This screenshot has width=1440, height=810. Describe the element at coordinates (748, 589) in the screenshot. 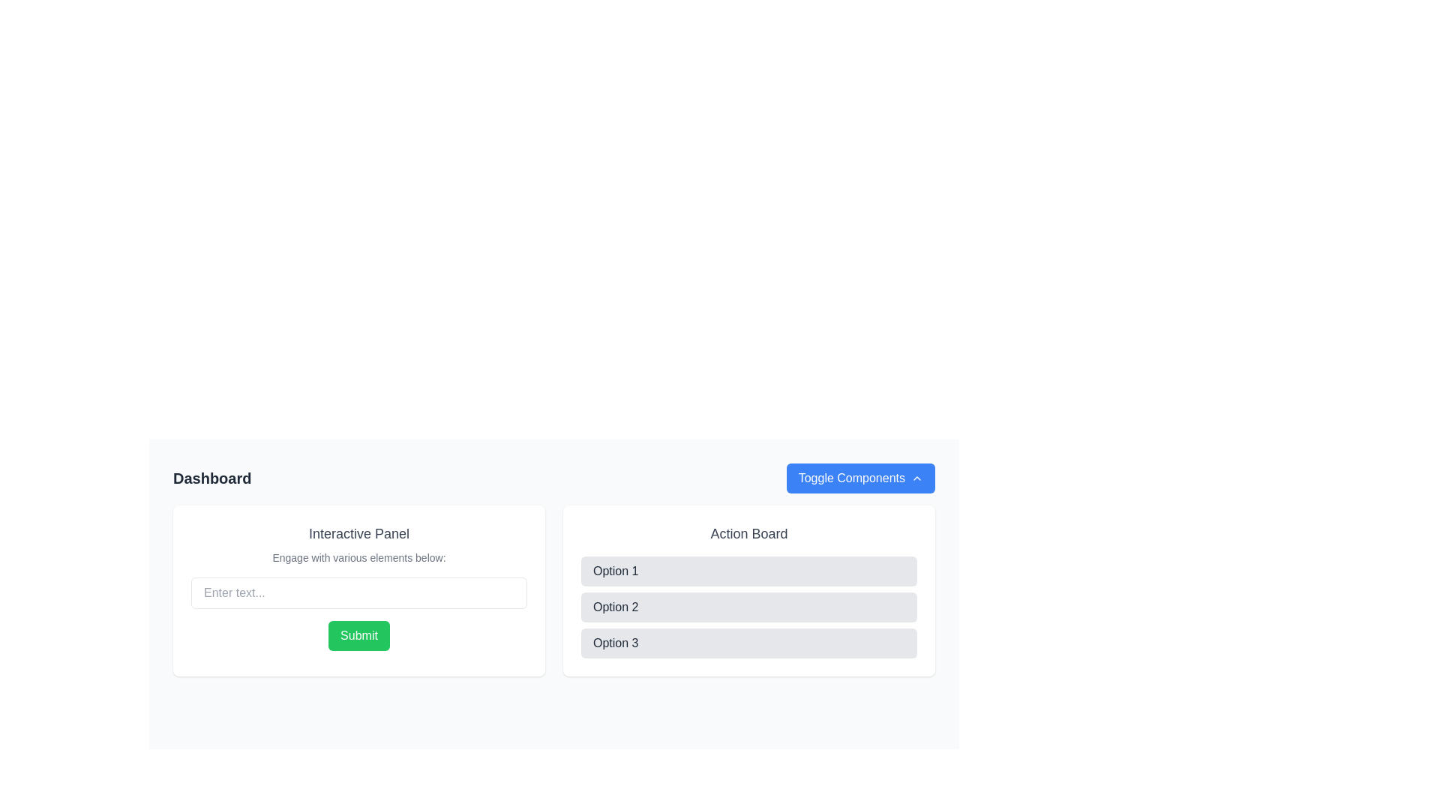

I see `the second list item in the 'Action Board'` at that location.